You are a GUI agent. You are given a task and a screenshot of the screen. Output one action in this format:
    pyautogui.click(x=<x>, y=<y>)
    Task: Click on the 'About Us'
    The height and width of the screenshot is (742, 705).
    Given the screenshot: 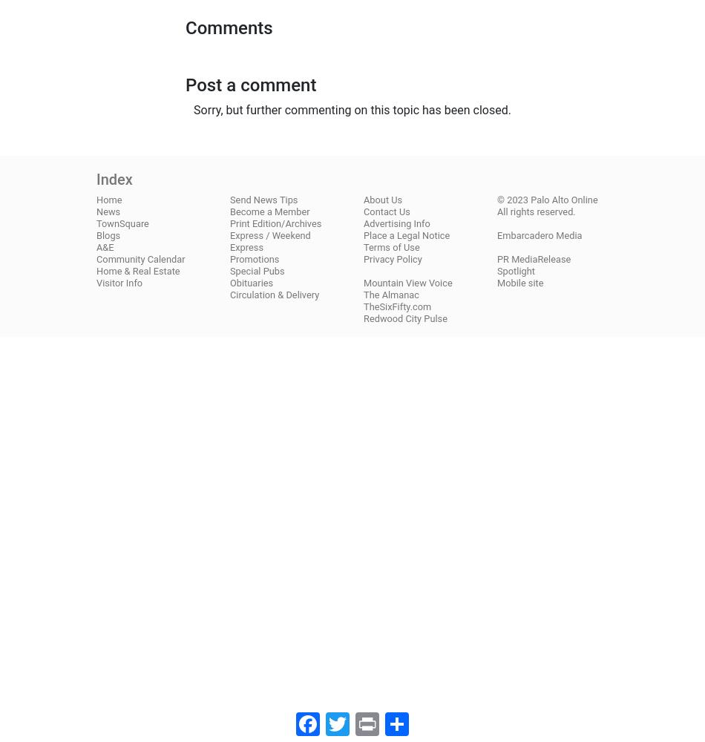 What is the action you would take?
    pyautogui.click(x=383, y=199)
    